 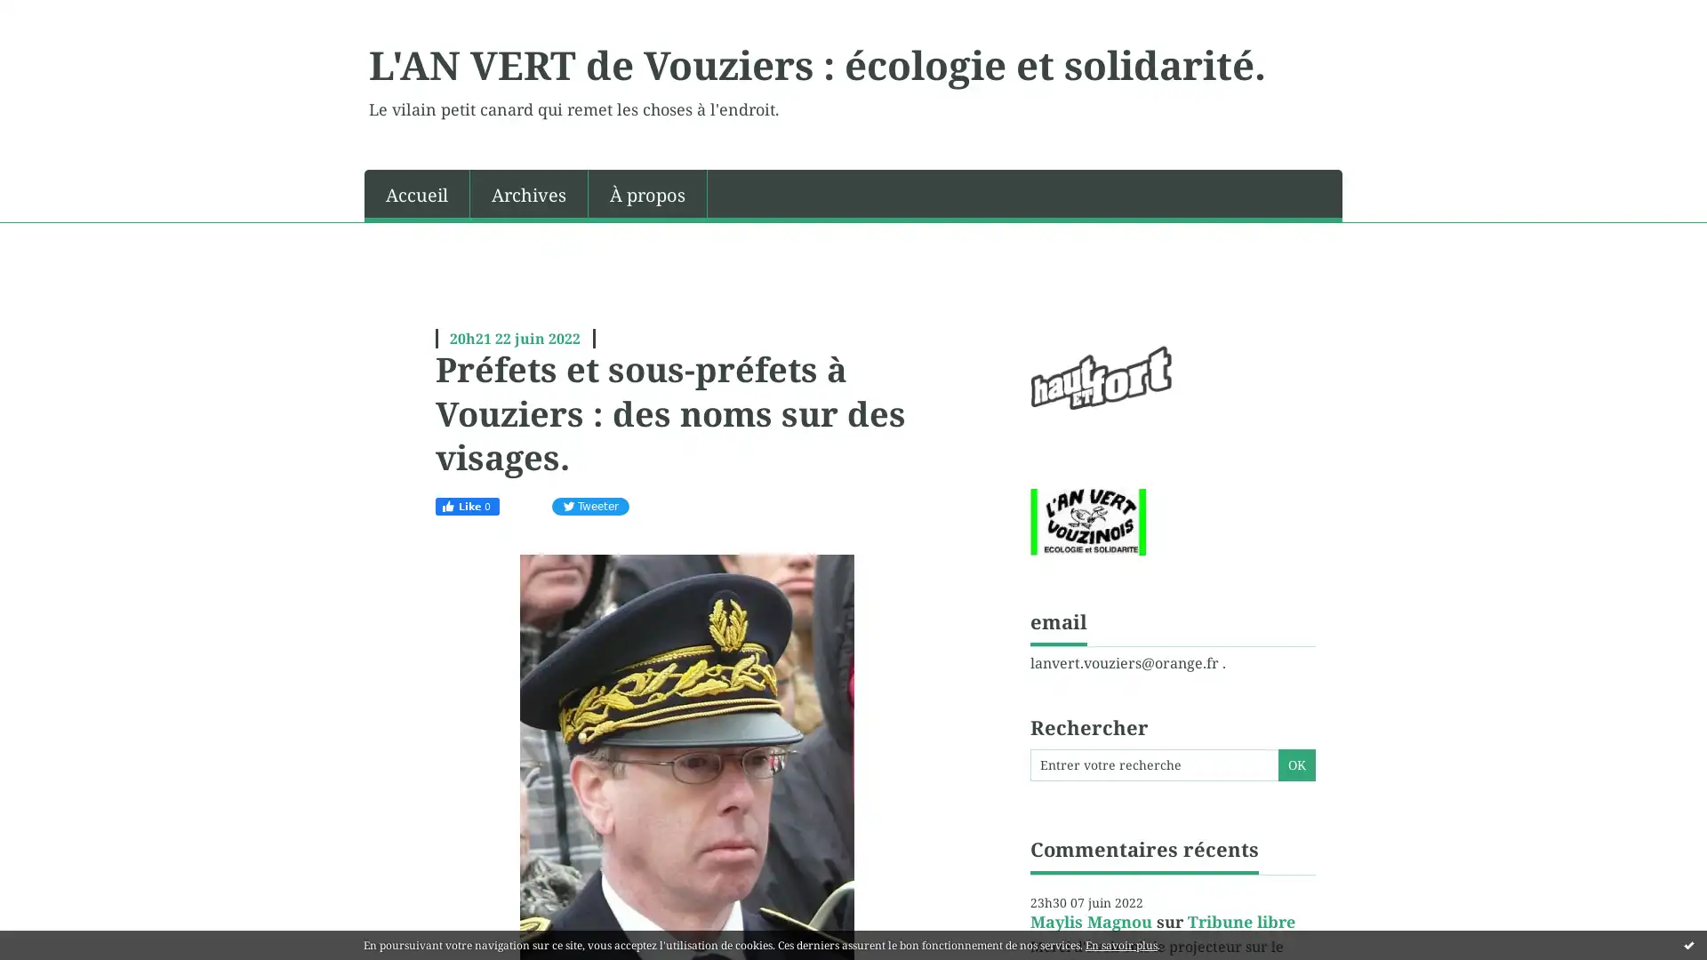 What do you see at coordinates (1296, 764) in the screenshot?
I see `OK` at bounding box center [1296, 764].